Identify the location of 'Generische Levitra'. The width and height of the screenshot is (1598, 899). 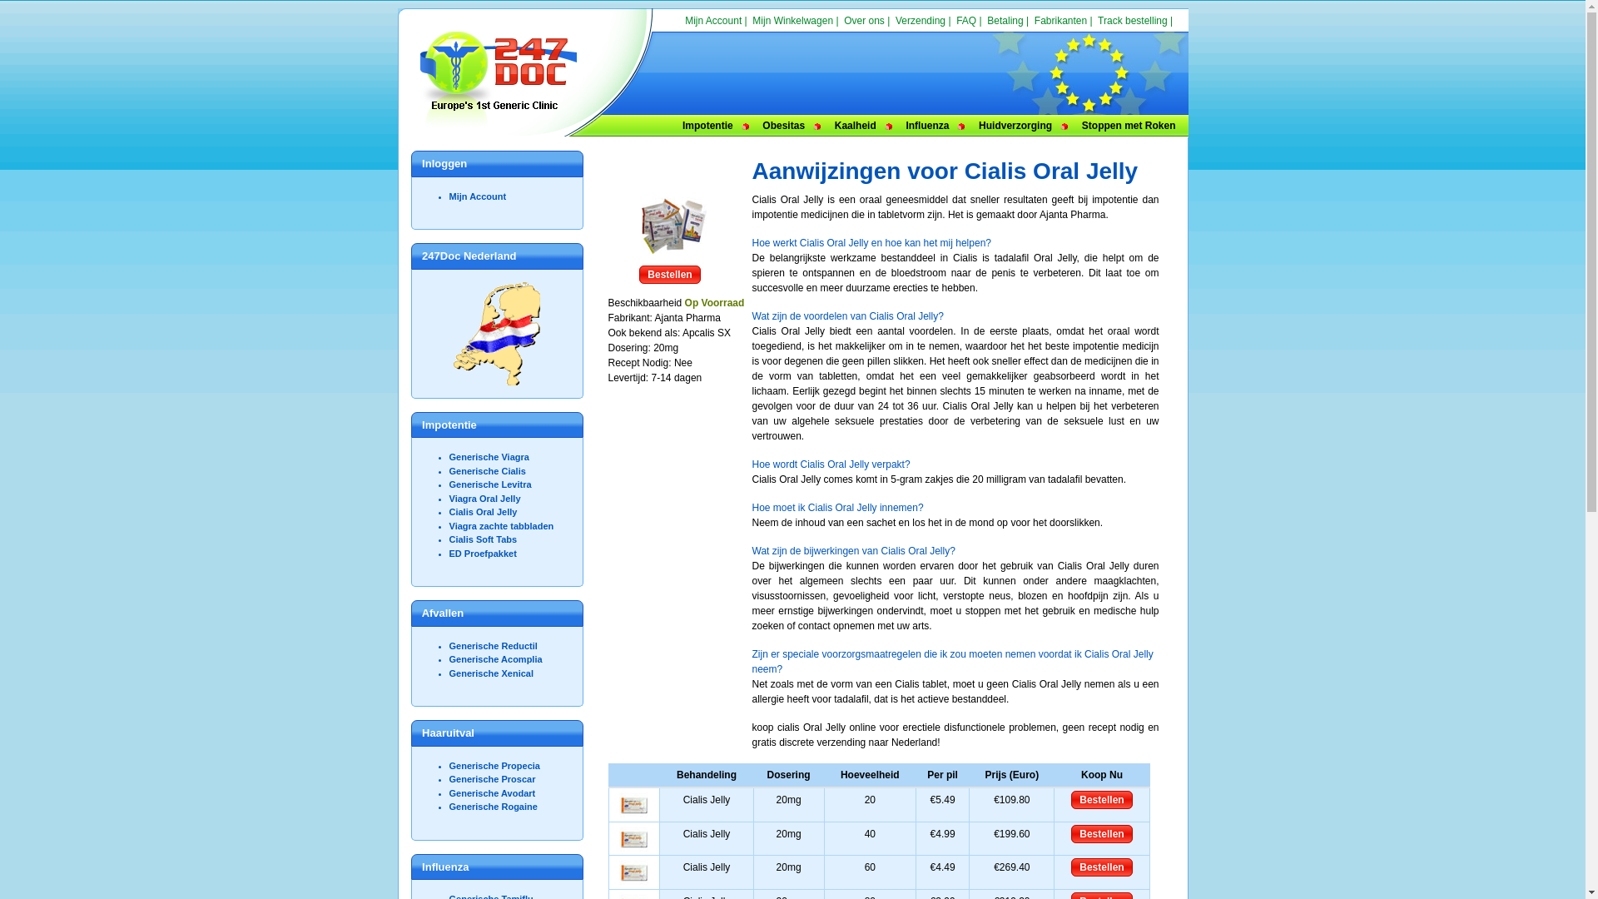
(489, 484).